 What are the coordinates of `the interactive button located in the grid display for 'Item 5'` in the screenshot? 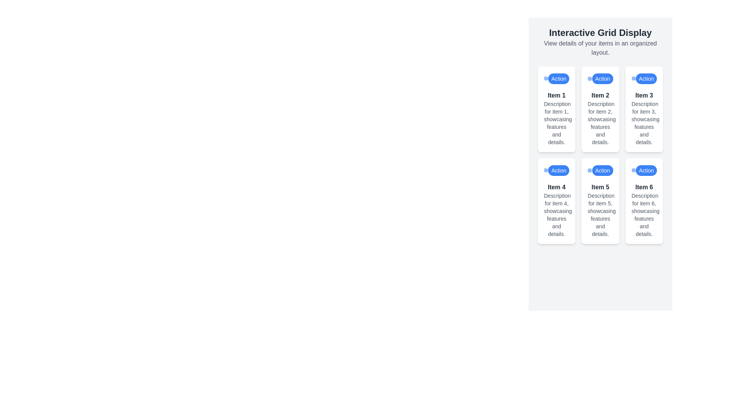 It's located at (602, 170).